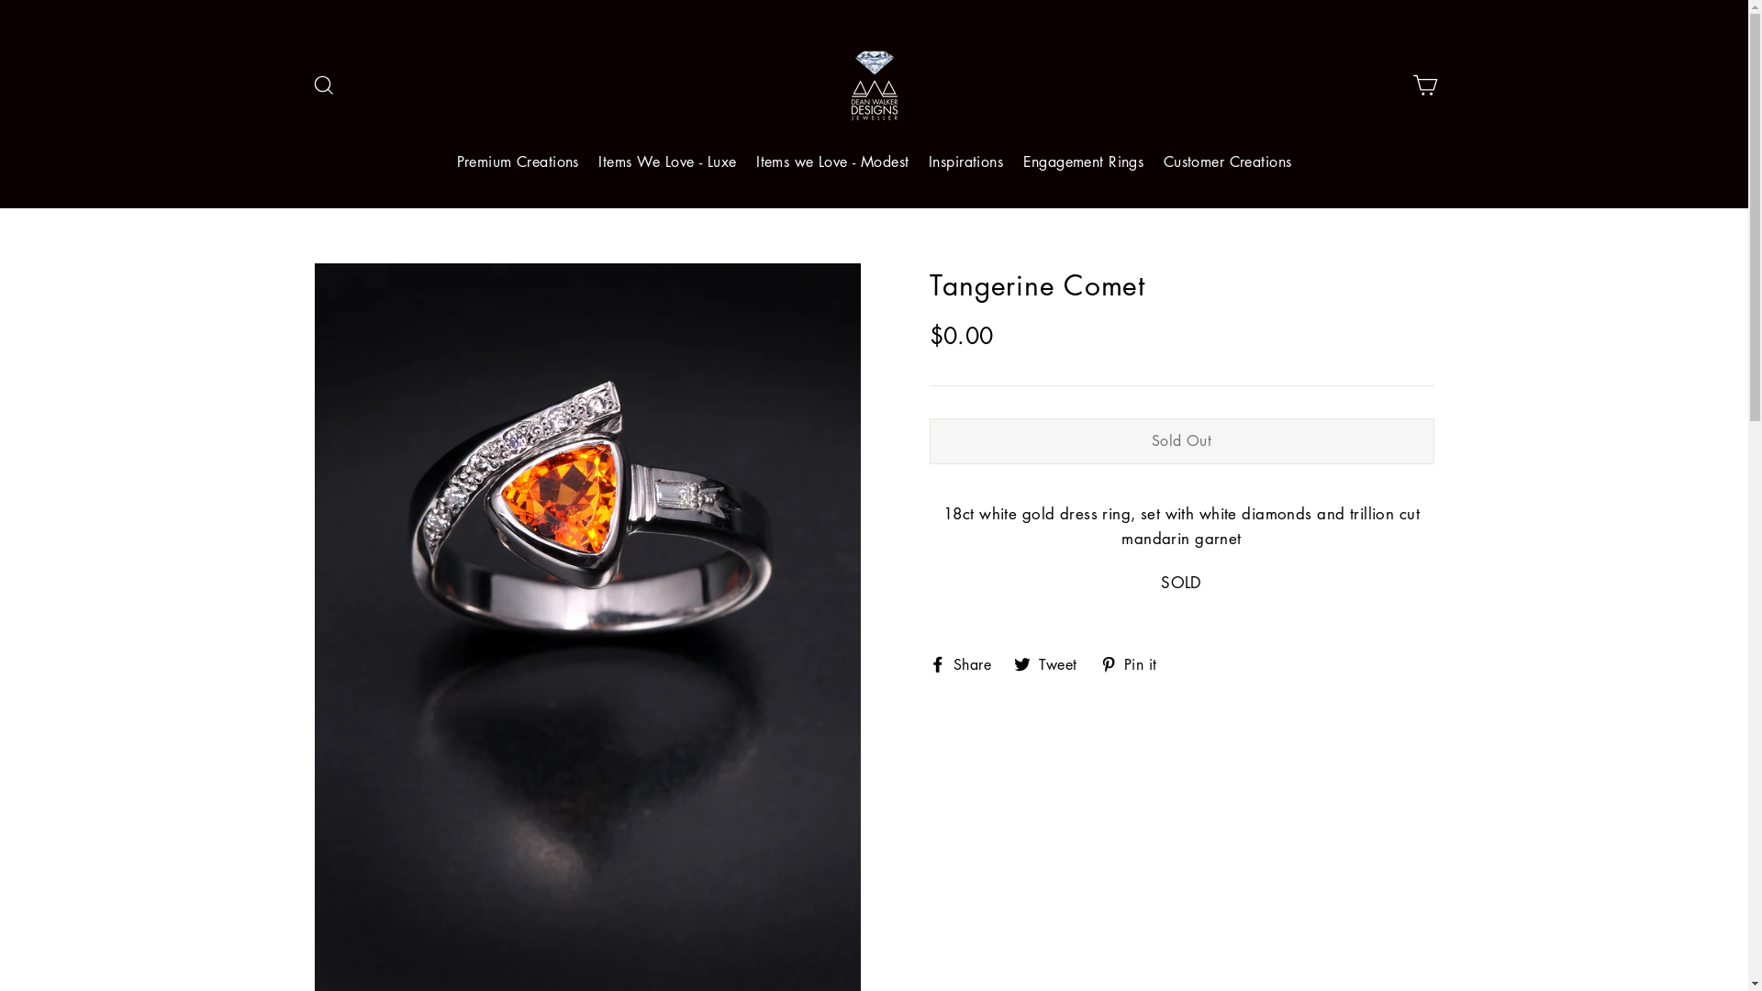 The image size is (1762, 991). What do you see at coordinates (1228, 161) in the screenshot?
I see `'Customer Creations'` at bounding box center [1228, 161].